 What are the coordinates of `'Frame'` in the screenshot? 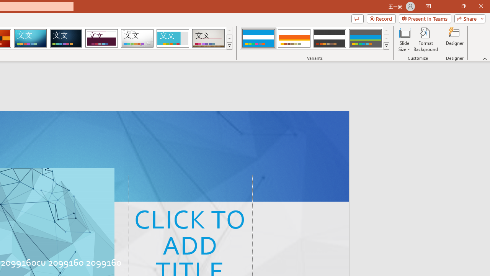 It's located at (172, 38).